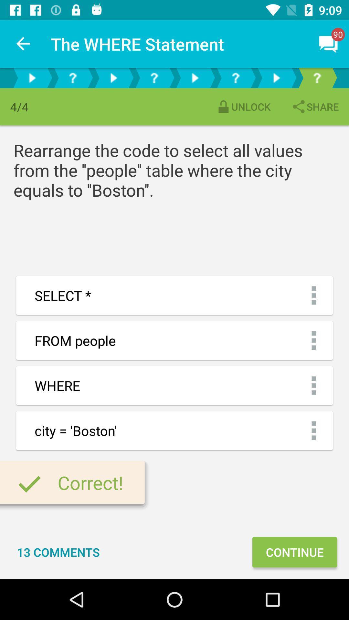 The height and width of the screenshot is (620, 349). I want to click on current selection, so click(316, 77).